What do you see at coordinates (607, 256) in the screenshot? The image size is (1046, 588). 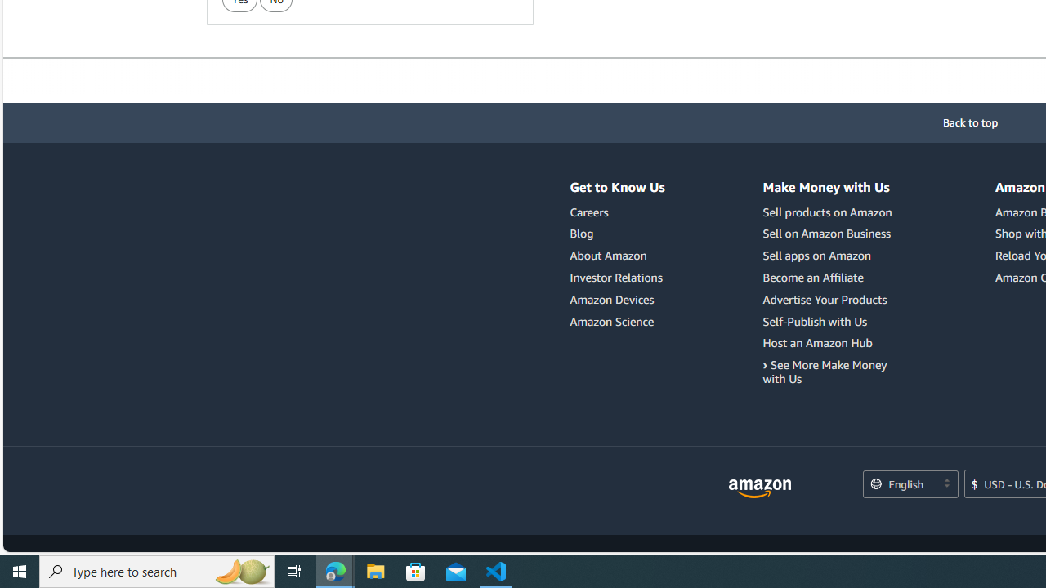 I see `'About Amazon'` at bounding box center [607, 256].